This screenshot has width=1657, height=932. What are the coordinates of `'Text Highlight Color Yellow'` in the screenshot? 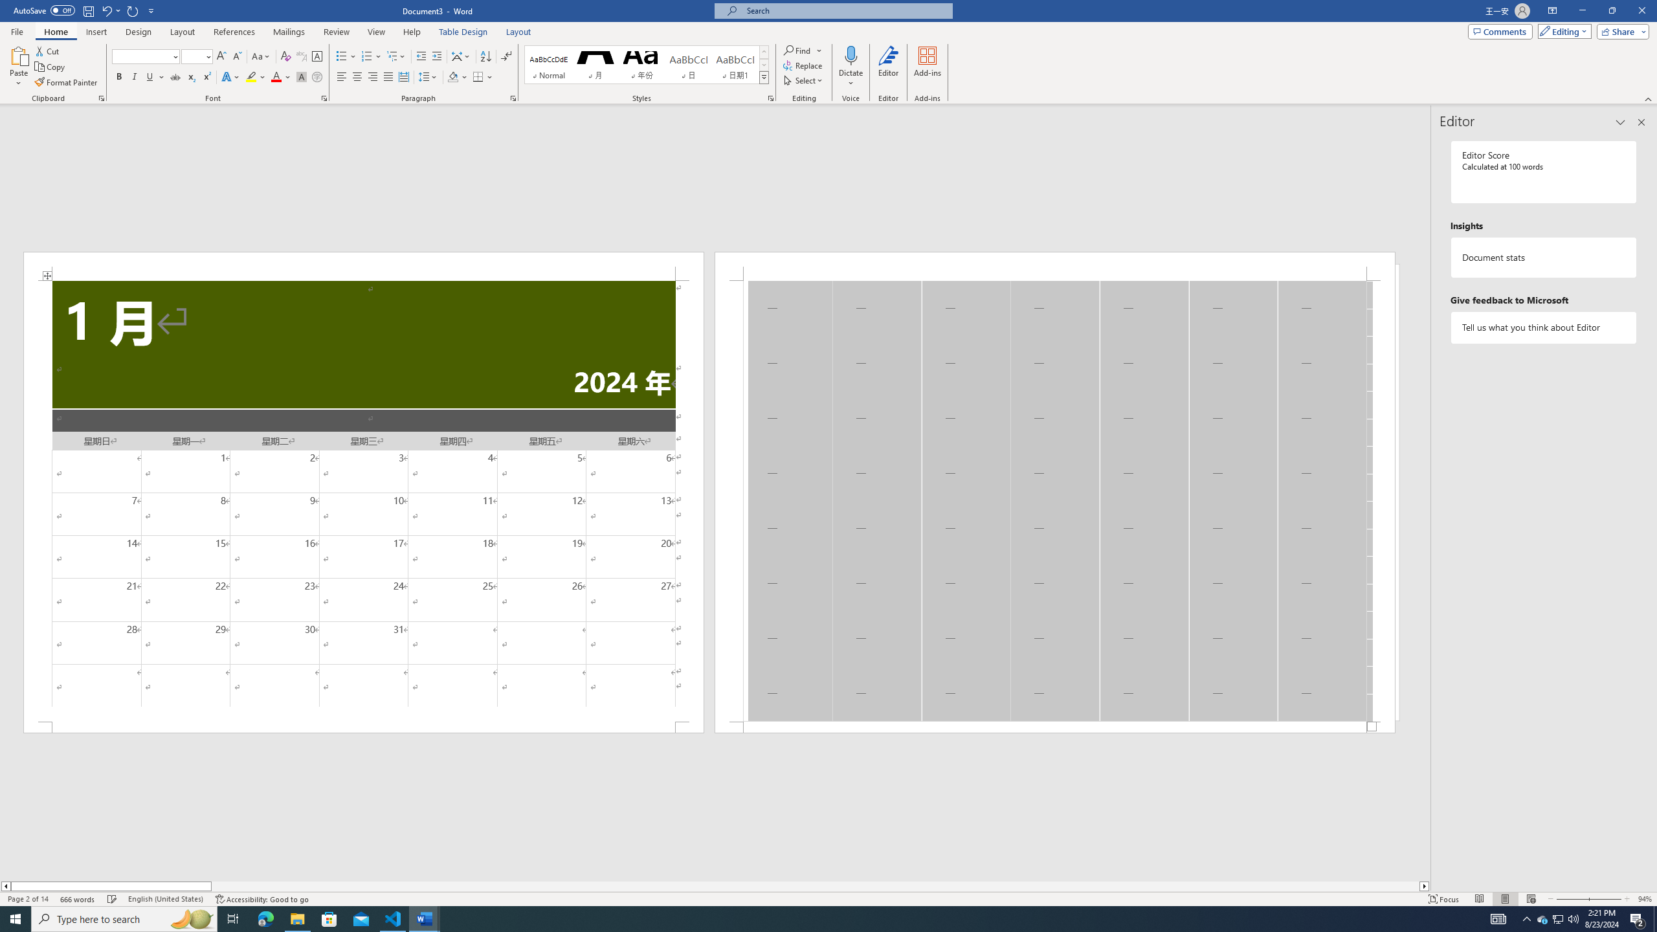 It's located at (250, 76).